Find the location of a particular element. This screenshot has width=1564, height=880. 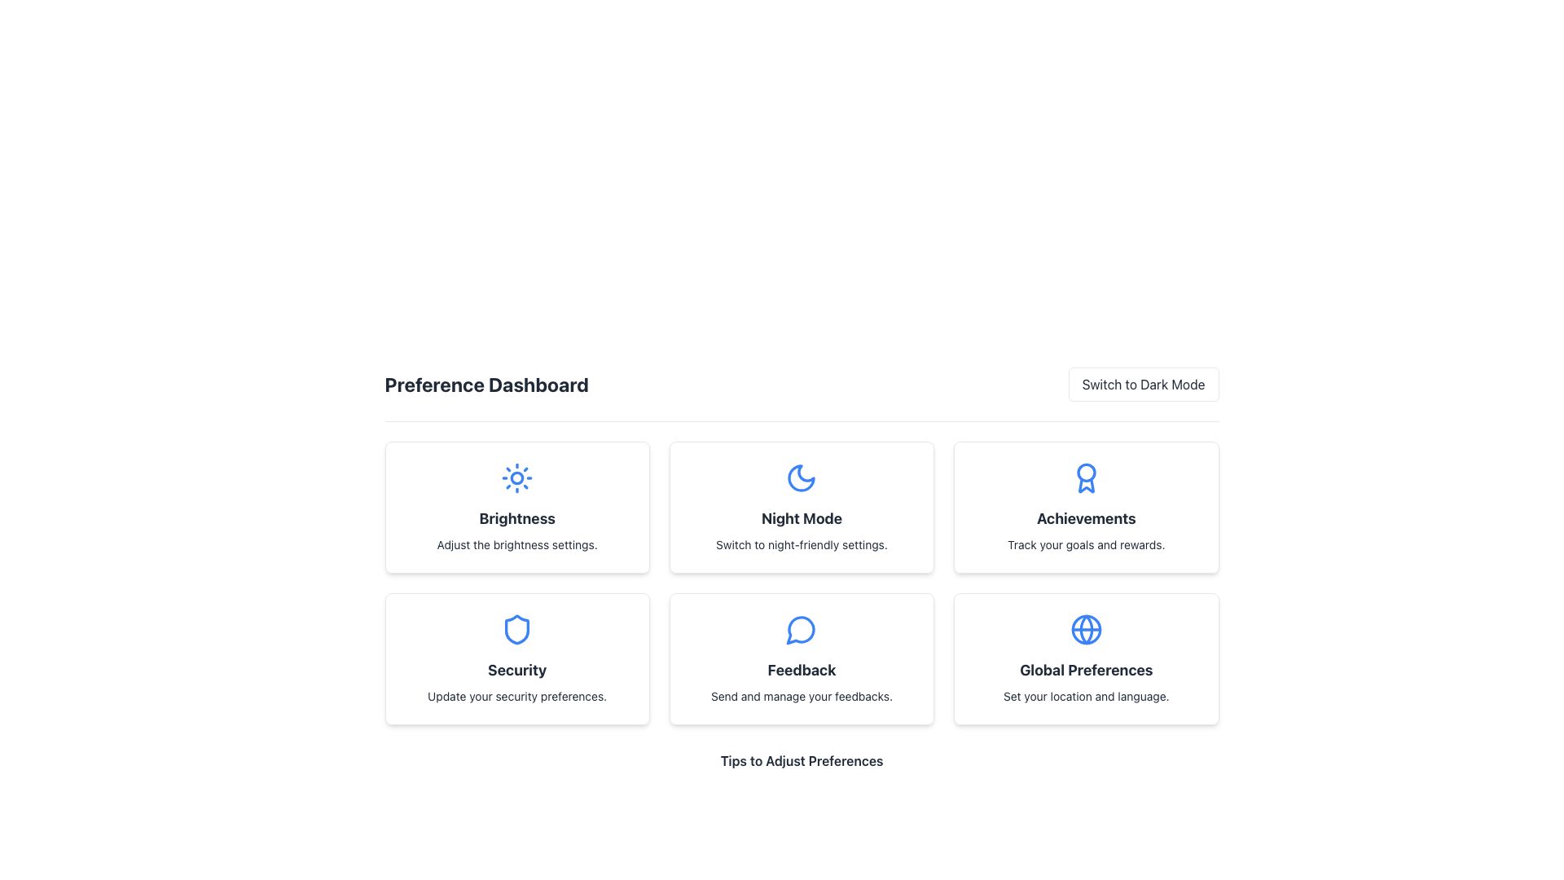

information from the Informational Card element titled 'Security' with a blue shield icon, located in the 'Preference Dashboard' section is located at coordinates (516, 658).